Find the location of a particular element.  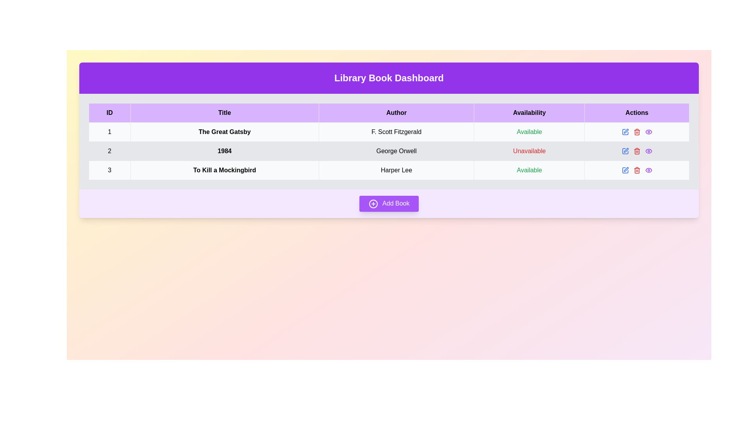

the red trash can icon in the 'Actions' column of the row for the book '1984' by George Orwell in the 'Library Book Dashboard' is located at coordinates (637, 151).